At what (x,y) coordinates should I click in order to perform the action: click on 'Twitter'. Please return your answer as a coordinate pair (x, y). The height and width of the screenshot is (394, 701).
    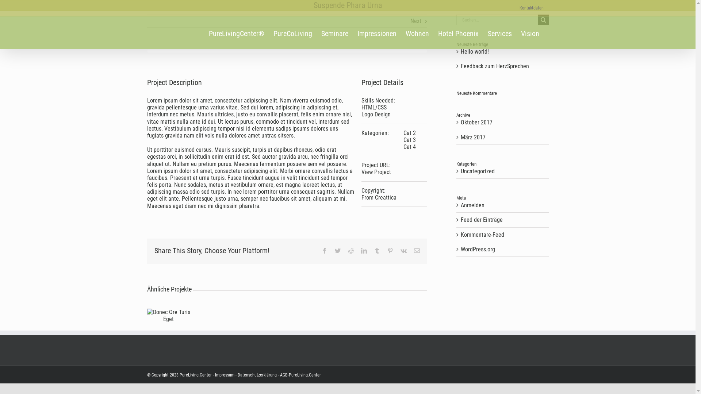
    Looking at the image, I should click on (337, 250).